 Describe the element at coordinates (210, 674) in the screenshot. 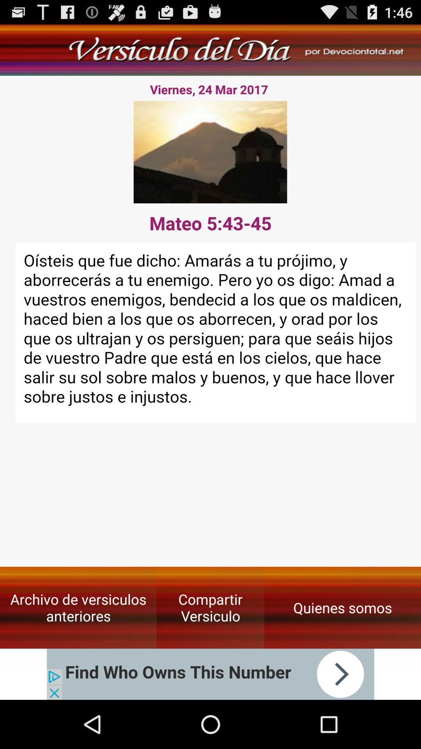

I see `advertising` at that location.